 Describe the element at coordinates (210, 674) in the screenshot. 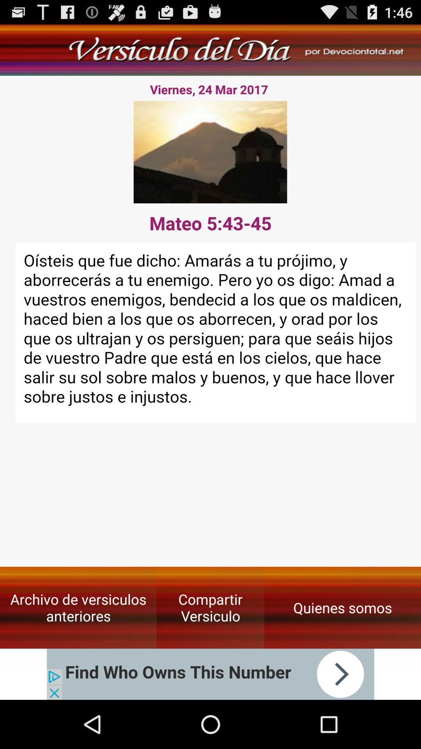

I see `advertising` at that location.